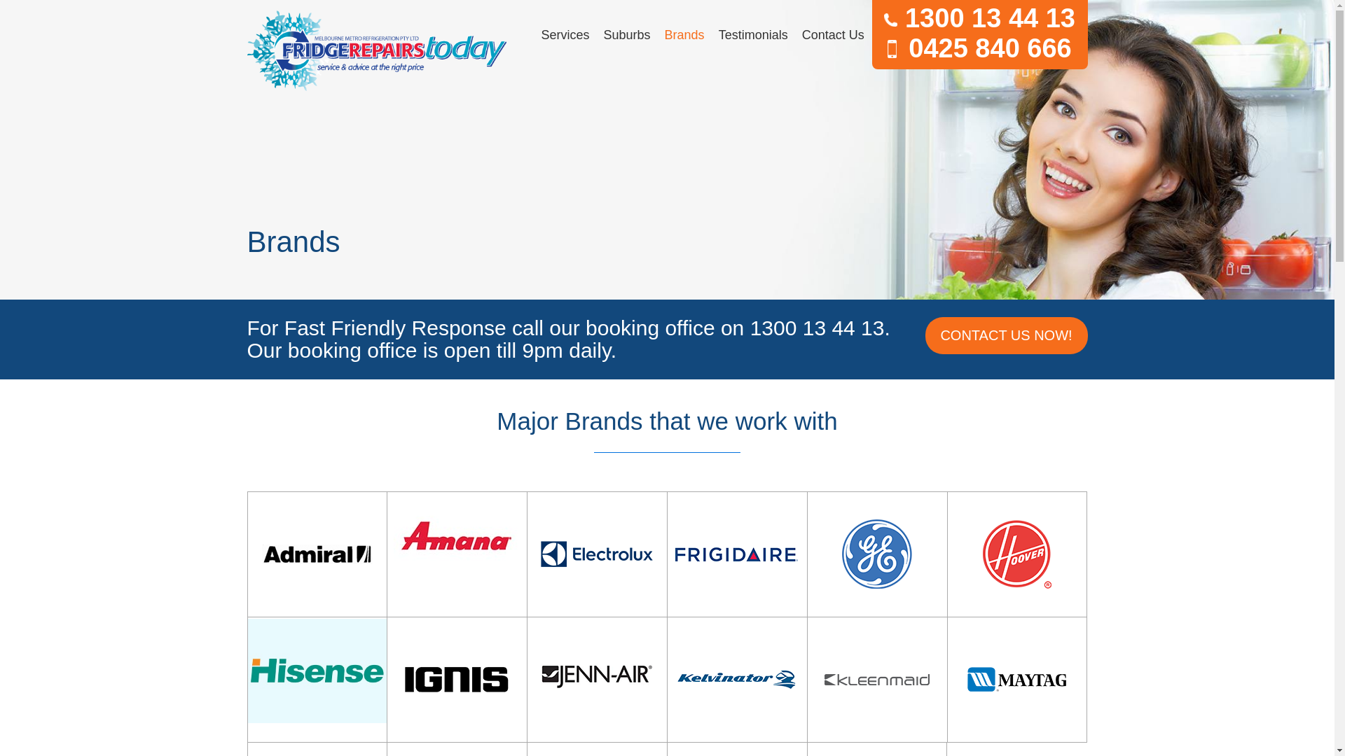 This screenshot has width=1345, height=756. Describe the element at coordinates (752, 34) in the screenshot. I see `'Testimonials'` at that location.